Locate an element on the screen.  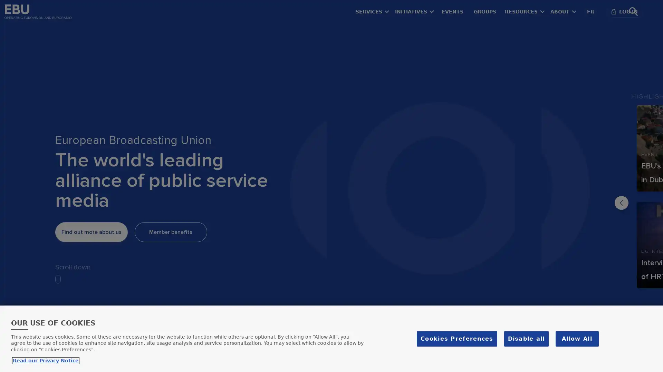
Cookies Preferences is located at coordinates (457, 338).